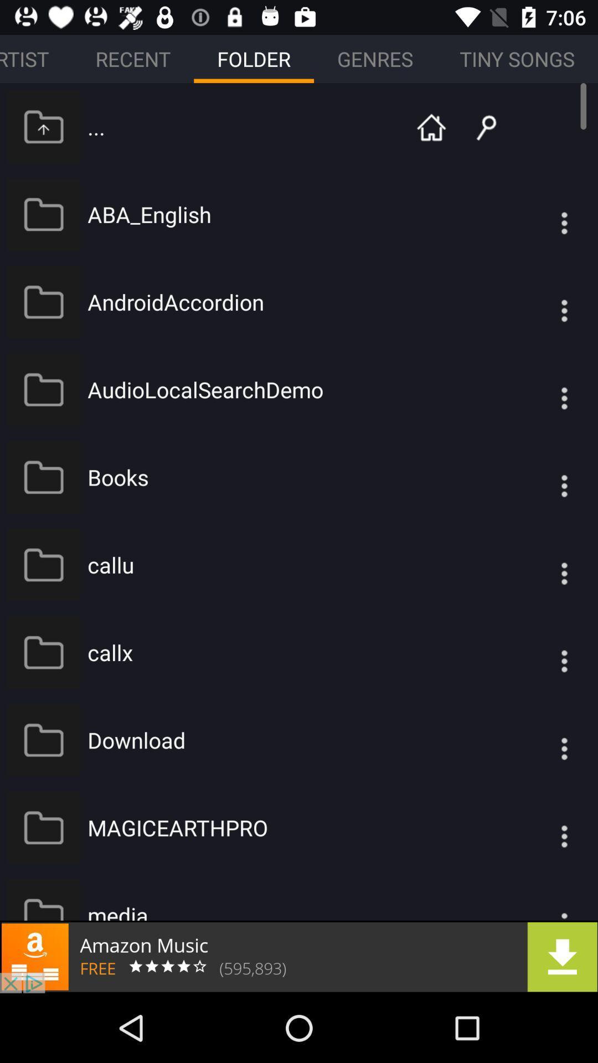 The image size is (598, 1063). I want to click on announcement, so click(299, 956).